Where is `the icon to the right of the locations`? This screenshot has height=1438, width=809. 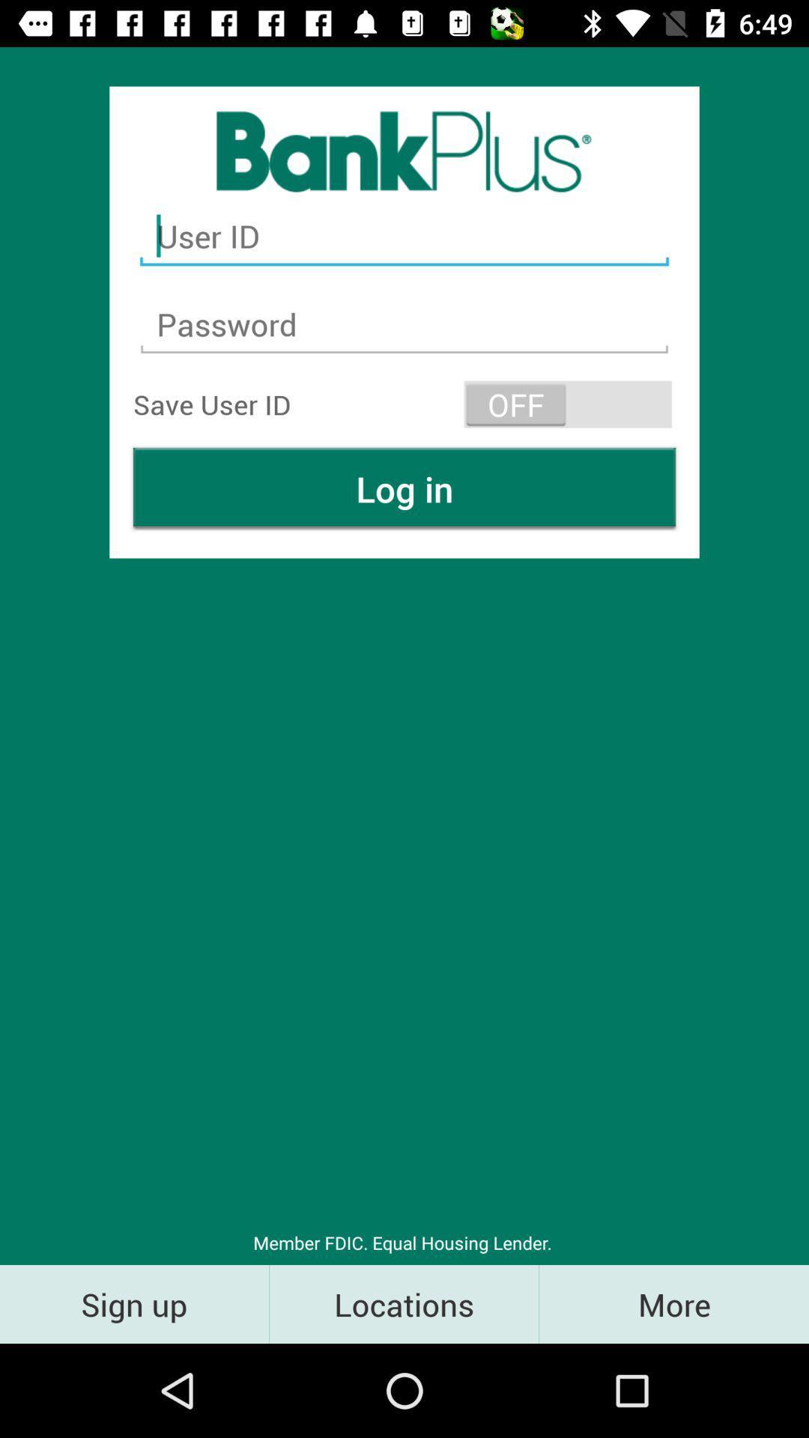 the icon to the right of the locations is located at coordinates (673, 1303).